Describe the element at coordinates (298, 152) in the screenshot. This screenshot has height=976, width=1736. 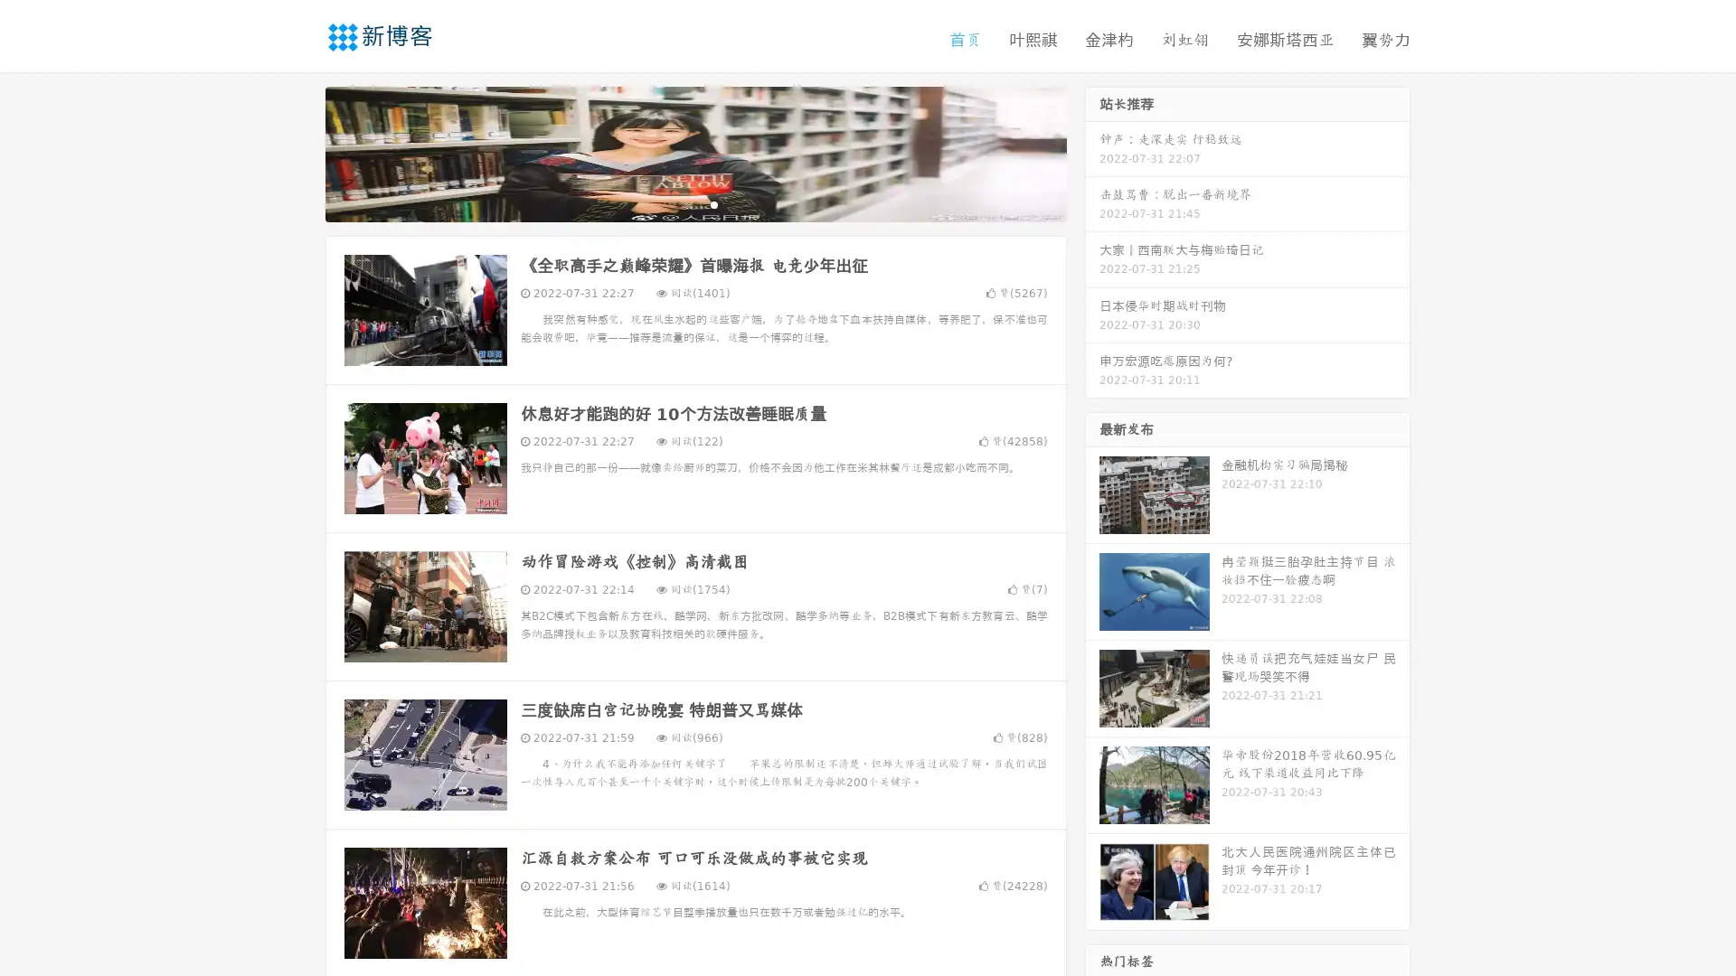
I see `Previous slide` at that location.